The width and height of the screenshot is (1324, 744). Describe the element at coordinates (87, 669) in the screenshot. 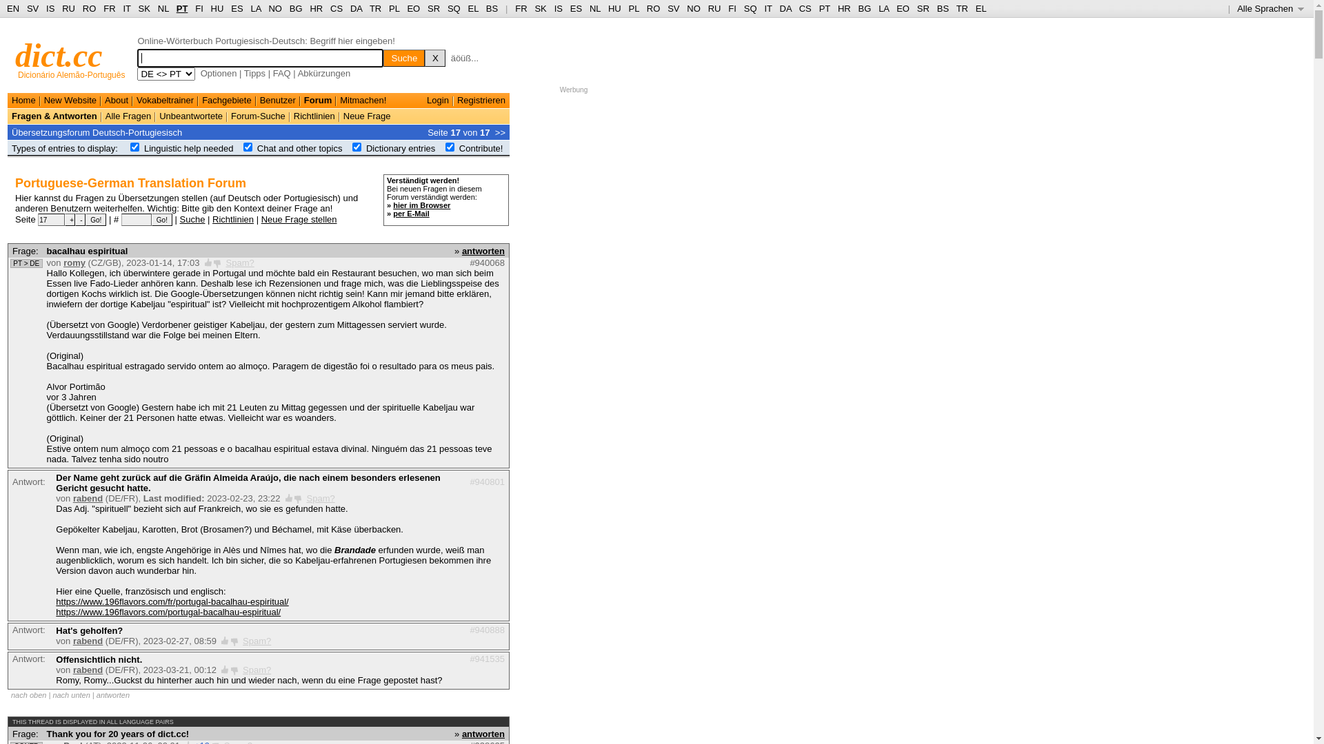

I see `'rabend'` at that location.